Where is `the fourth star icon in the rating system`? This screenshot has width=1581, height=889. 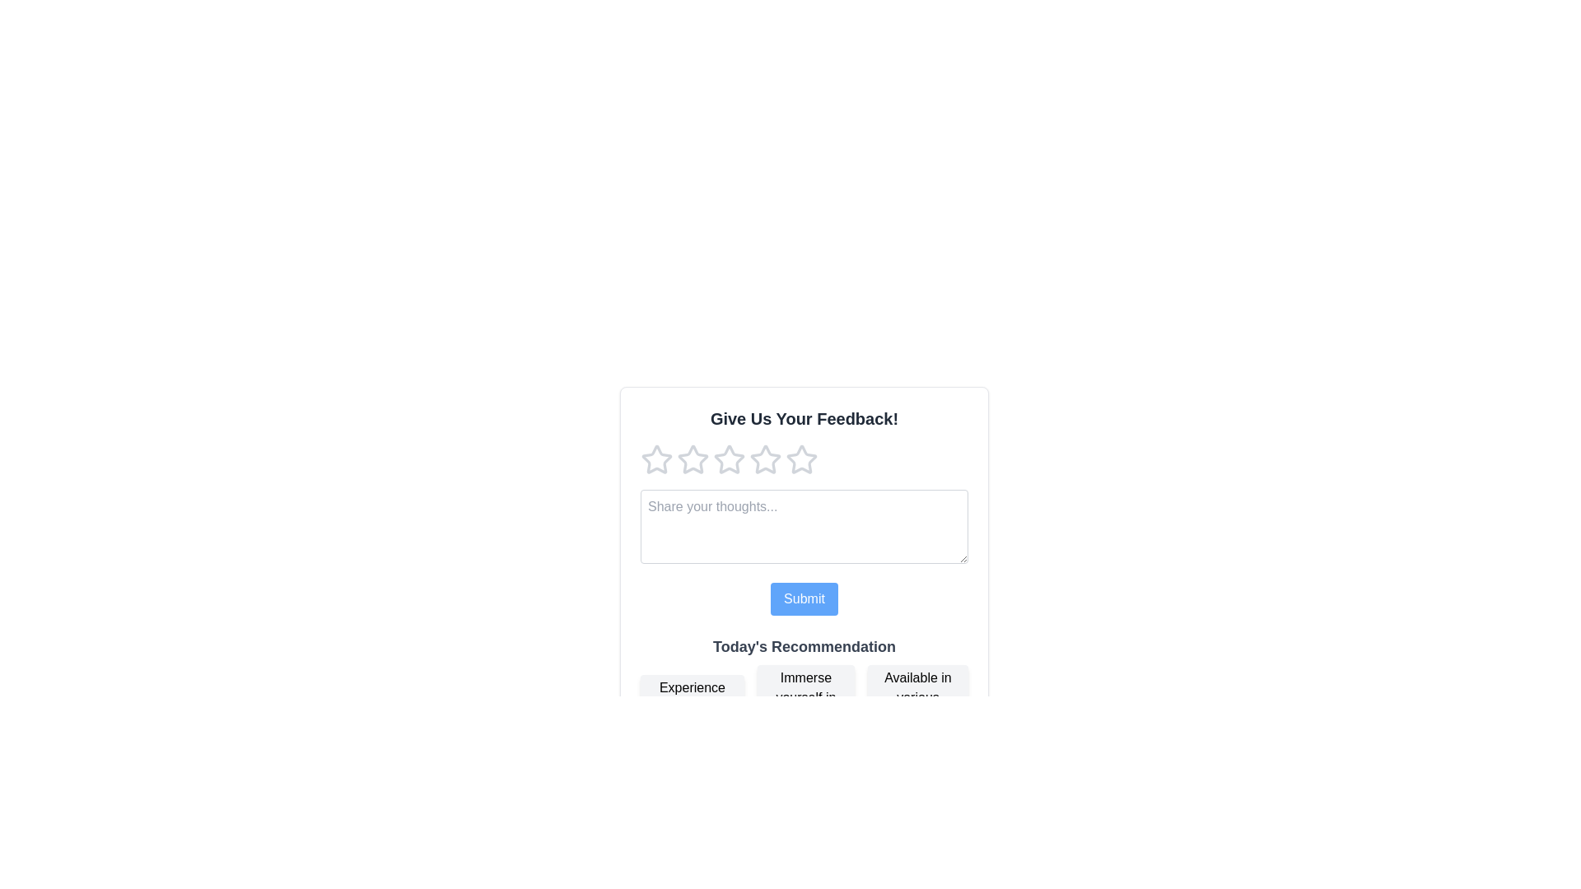 the fourth star icon in the rating system is located at coordinates (804, 460).